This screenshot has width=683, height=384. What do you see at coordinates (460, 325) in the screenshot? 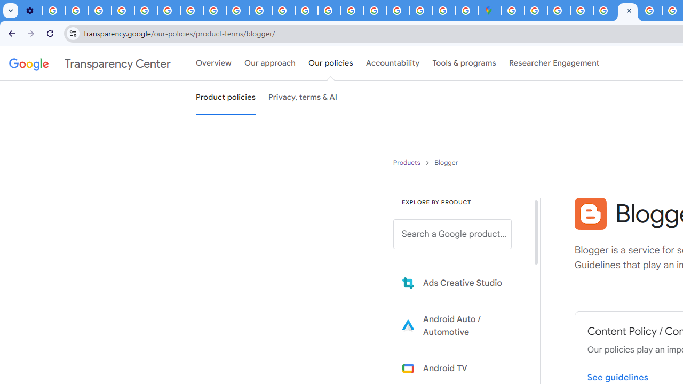
I see `'Learn more about Android Auto'` at bounding box center [460, 325].